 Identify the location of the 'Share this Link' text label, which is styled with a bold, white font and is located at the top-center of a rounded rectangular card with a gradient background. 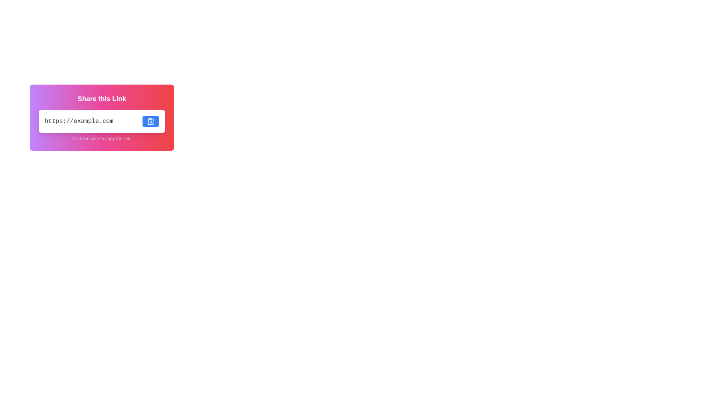
(101, 98).